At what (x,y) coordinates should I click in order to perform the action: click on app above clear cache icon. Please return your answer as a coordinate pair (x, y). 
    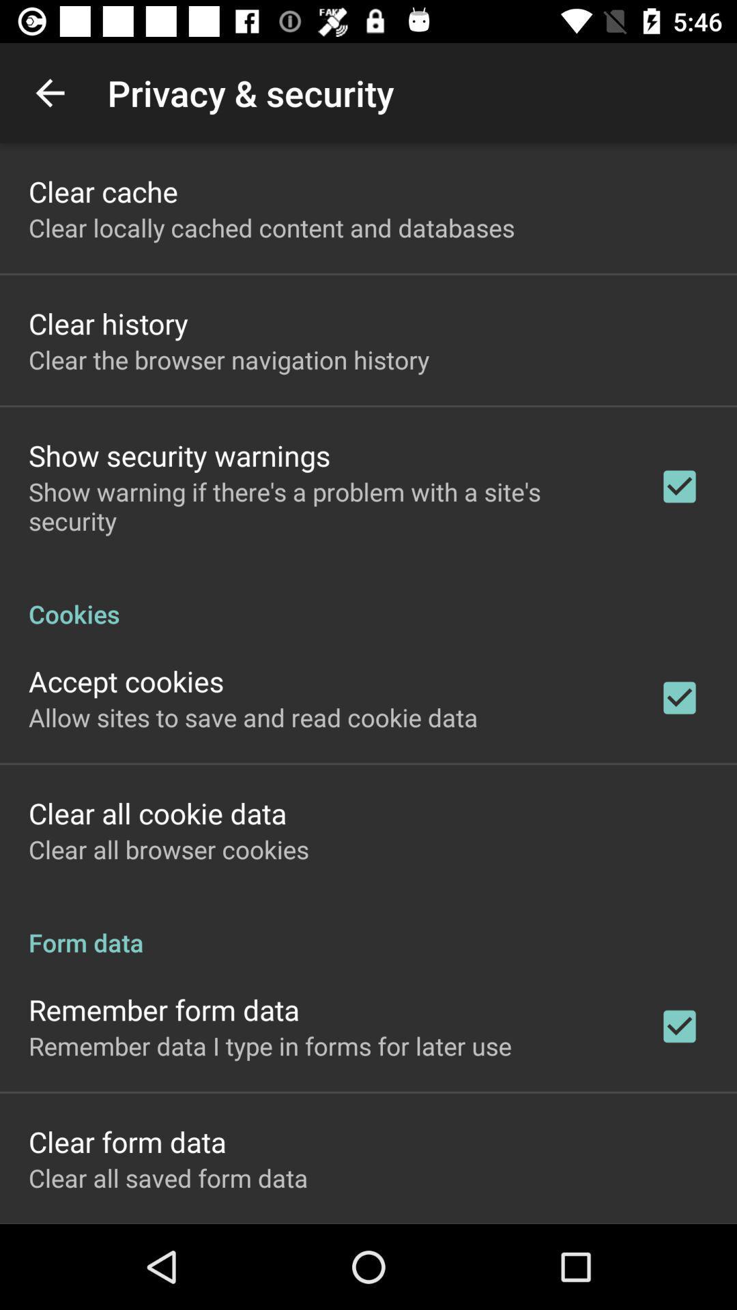
    Looking at the image, I should click on (49, 92).